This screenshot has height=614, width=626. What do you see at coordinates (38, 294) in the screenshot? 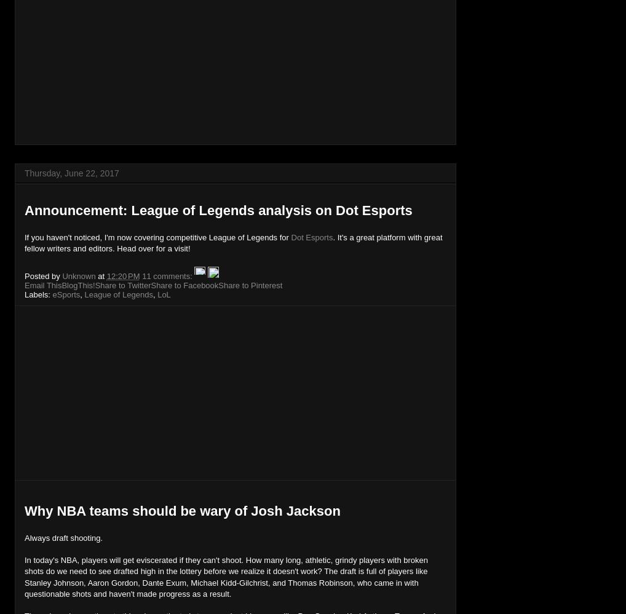
I see `'Labels:'` at bounding box center [38, 294].